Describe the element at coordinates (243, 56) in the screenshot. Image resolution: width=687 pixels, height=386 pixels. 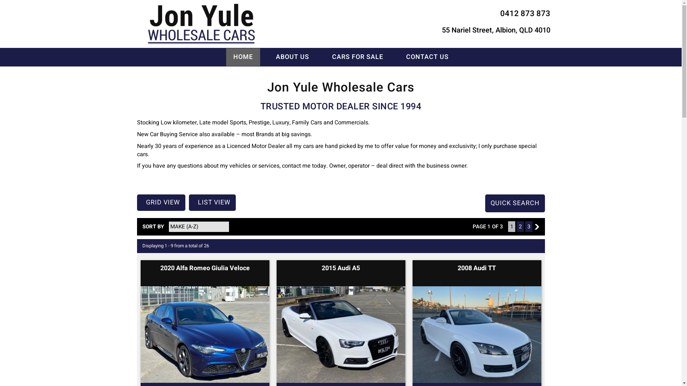
I see `'HOME'` at that location.